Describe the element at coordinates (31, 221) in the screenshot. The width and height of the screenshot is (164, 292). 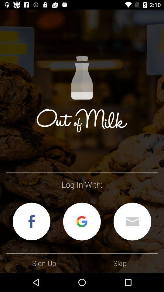
I see `connect this to facebook` at that location.